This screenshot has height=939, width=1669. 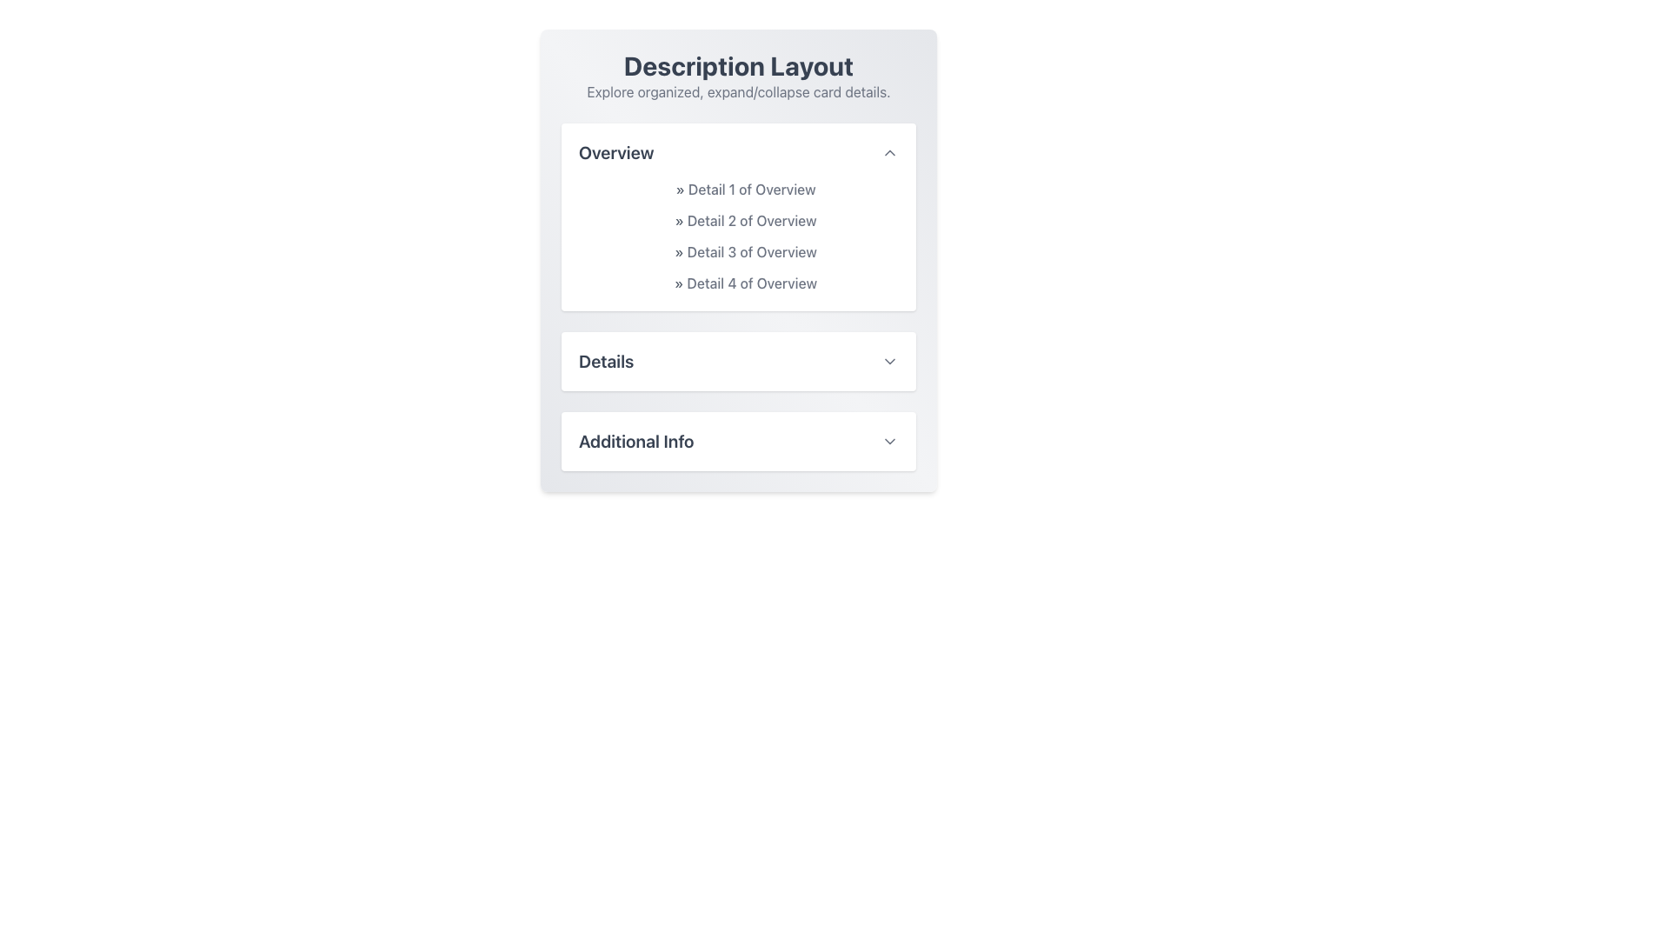 What do you see at coordinates (738, 283) in the screenshot?
I see `the fourth static text label in the 'Overview' section that provides descriptive information` at bounding box center [738, 283].